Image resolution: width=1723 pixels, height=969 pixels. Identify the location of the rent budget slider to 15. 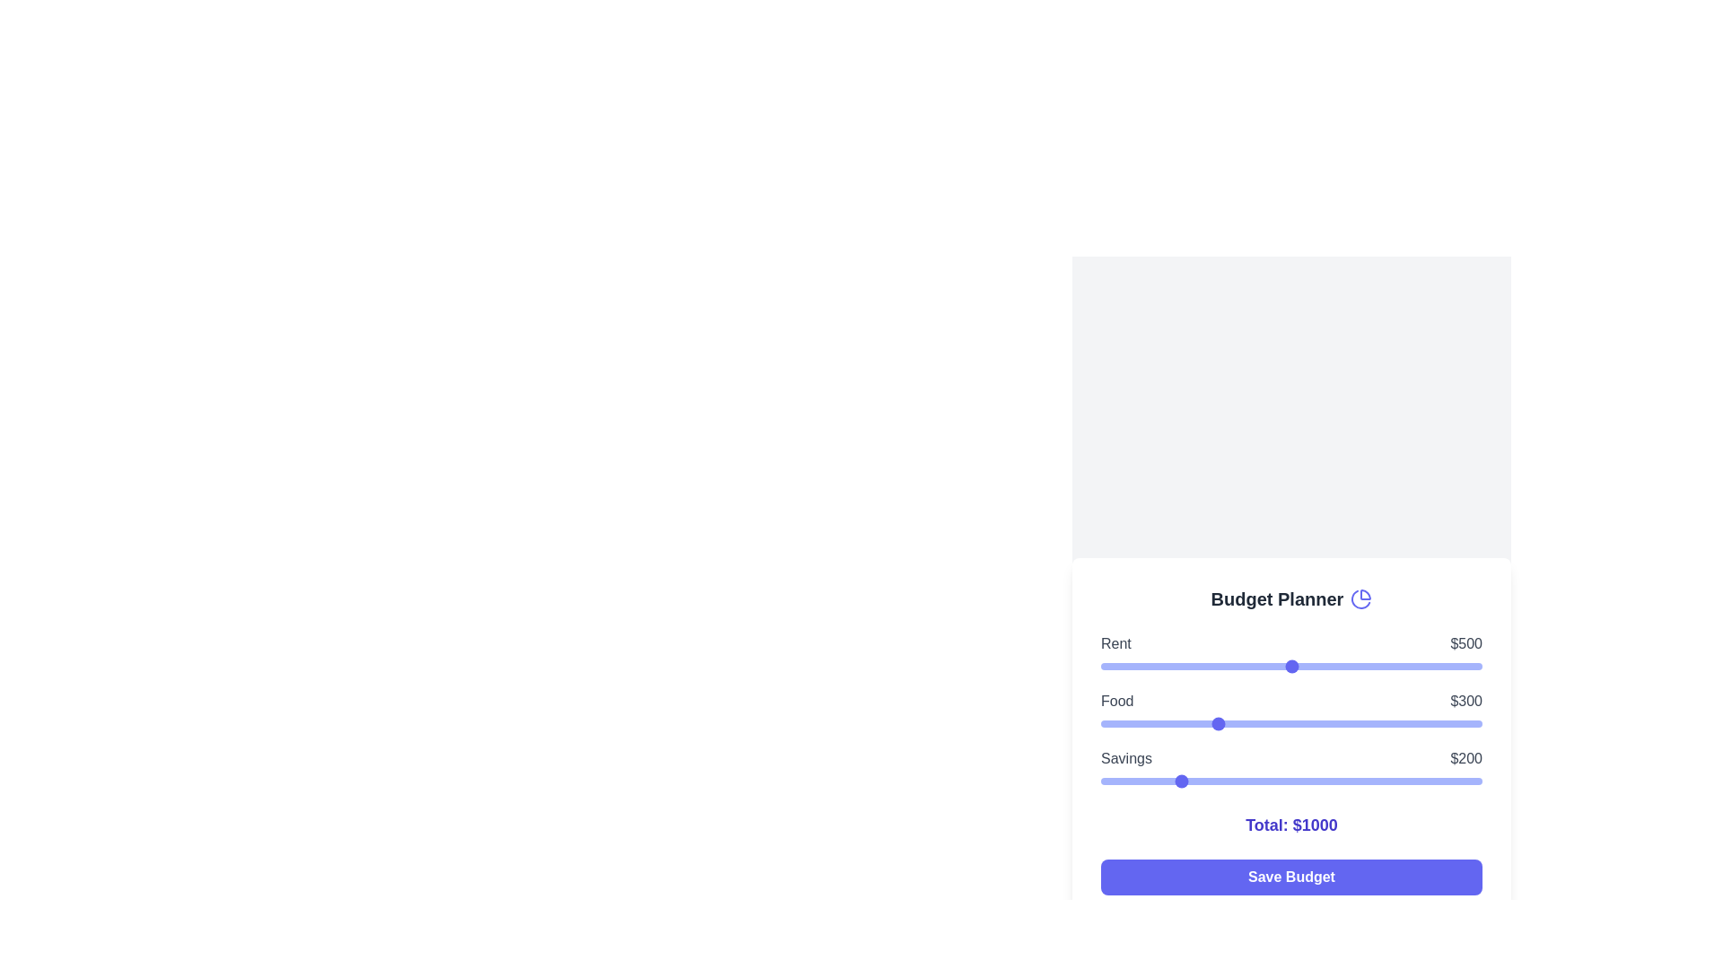
(1106, 667).